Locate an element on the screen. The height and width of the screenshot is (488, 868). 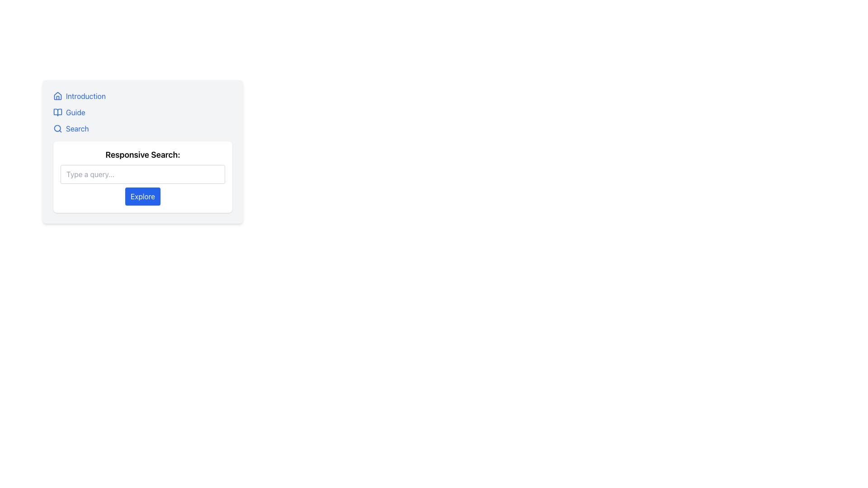
the 'Guide' navigation icon, which is a vector shape resembling an open book is located at coordinates (57, 112).